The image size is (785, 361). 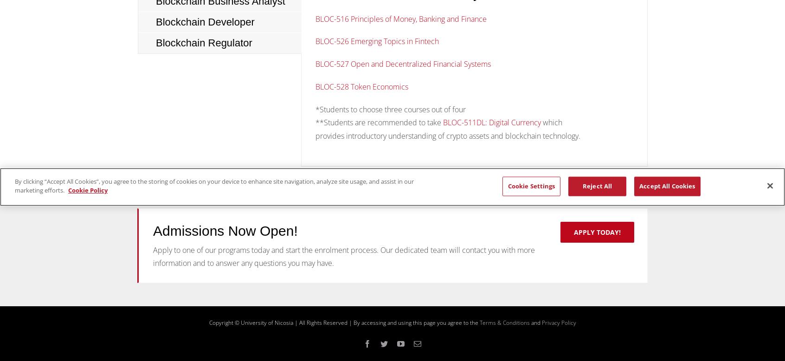 I want to click on 'BLOC-528 Token Economics', so click(x=362, y=86).